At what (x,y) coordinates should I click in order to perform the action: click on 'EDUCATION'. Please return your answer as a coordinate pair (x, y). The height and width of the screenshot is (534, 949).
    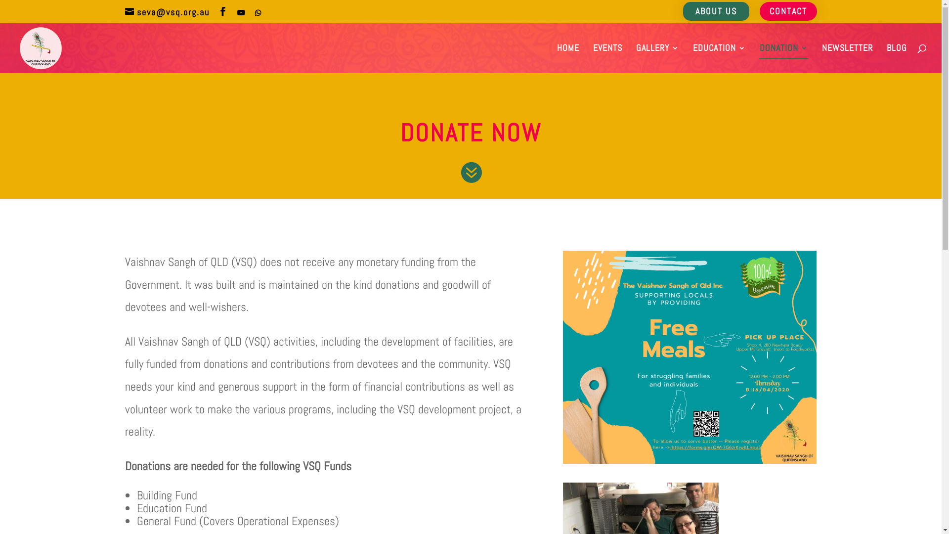
    Looking at the image, I should click on (719, 58).